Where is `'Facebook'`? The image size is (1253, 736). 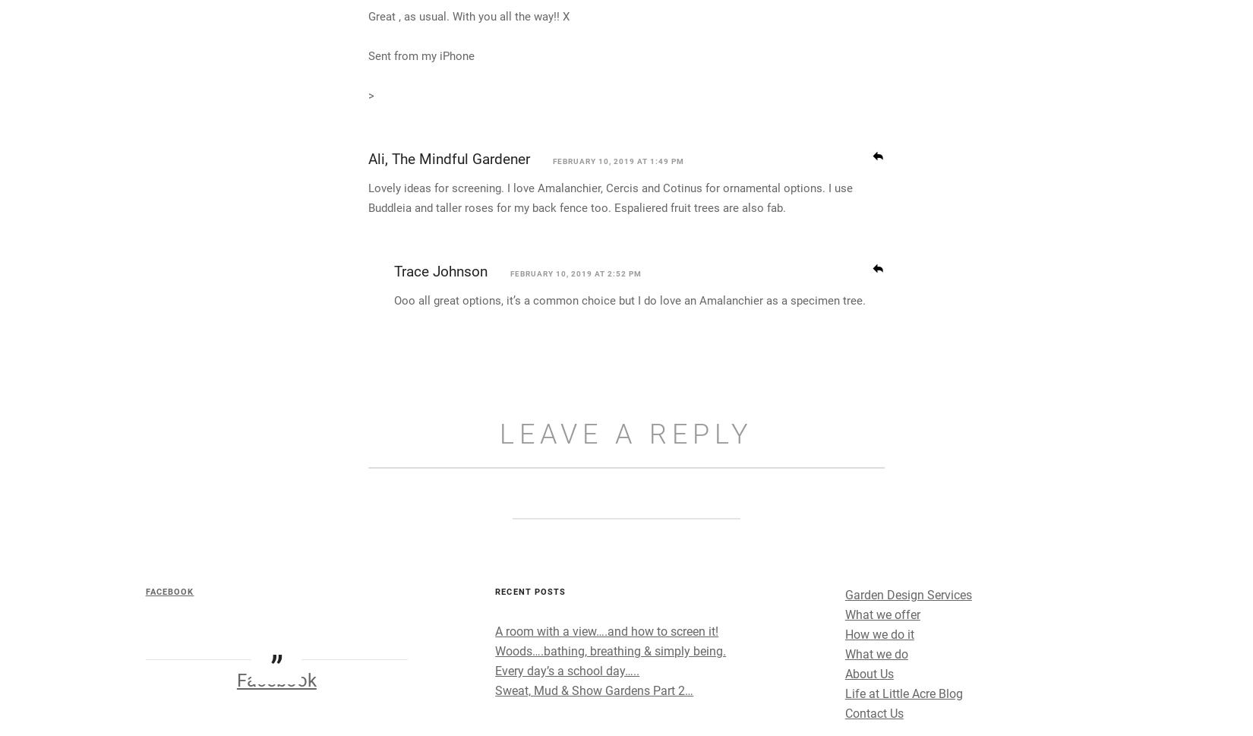 'Facebook' is located at coordinates (216, 728).